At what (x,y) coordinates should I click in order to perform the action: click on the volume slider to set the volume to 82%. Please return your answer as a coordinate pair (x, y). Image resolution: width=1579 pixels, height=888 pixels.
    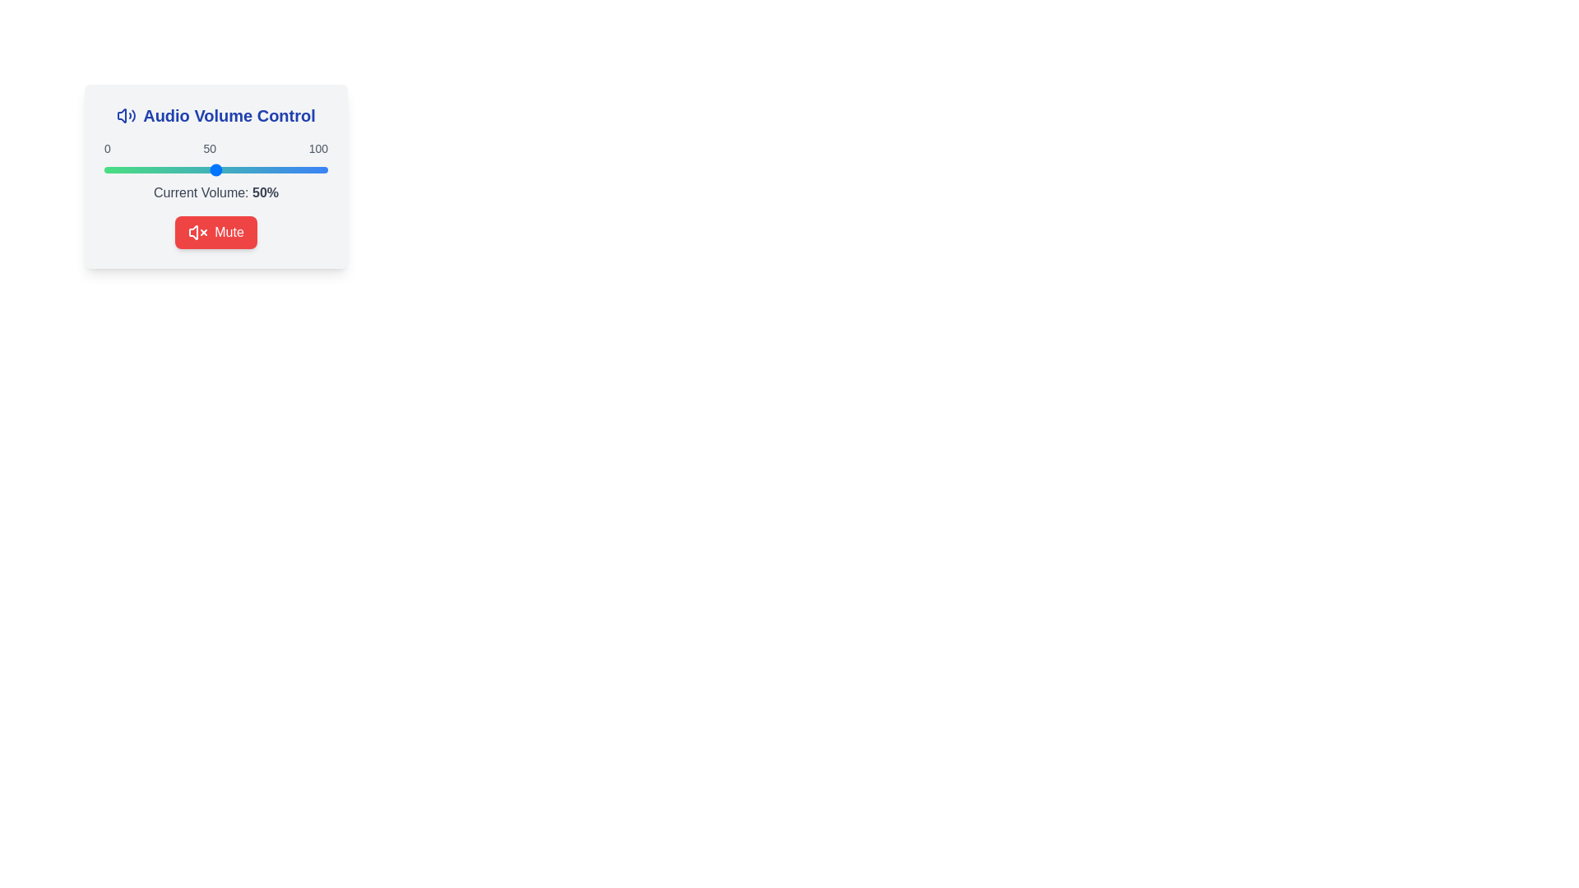
    Looking at the image, I should click on (288, 170).